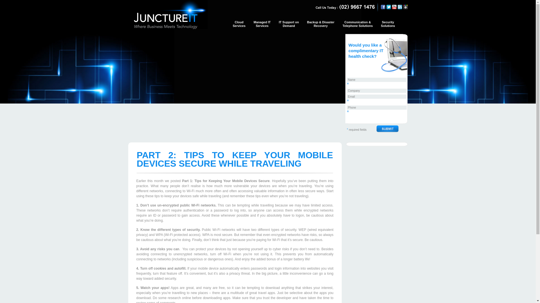  Describe the element at coordinates (262, 26) in the screenshot. I see `'Managed IT` at that location.